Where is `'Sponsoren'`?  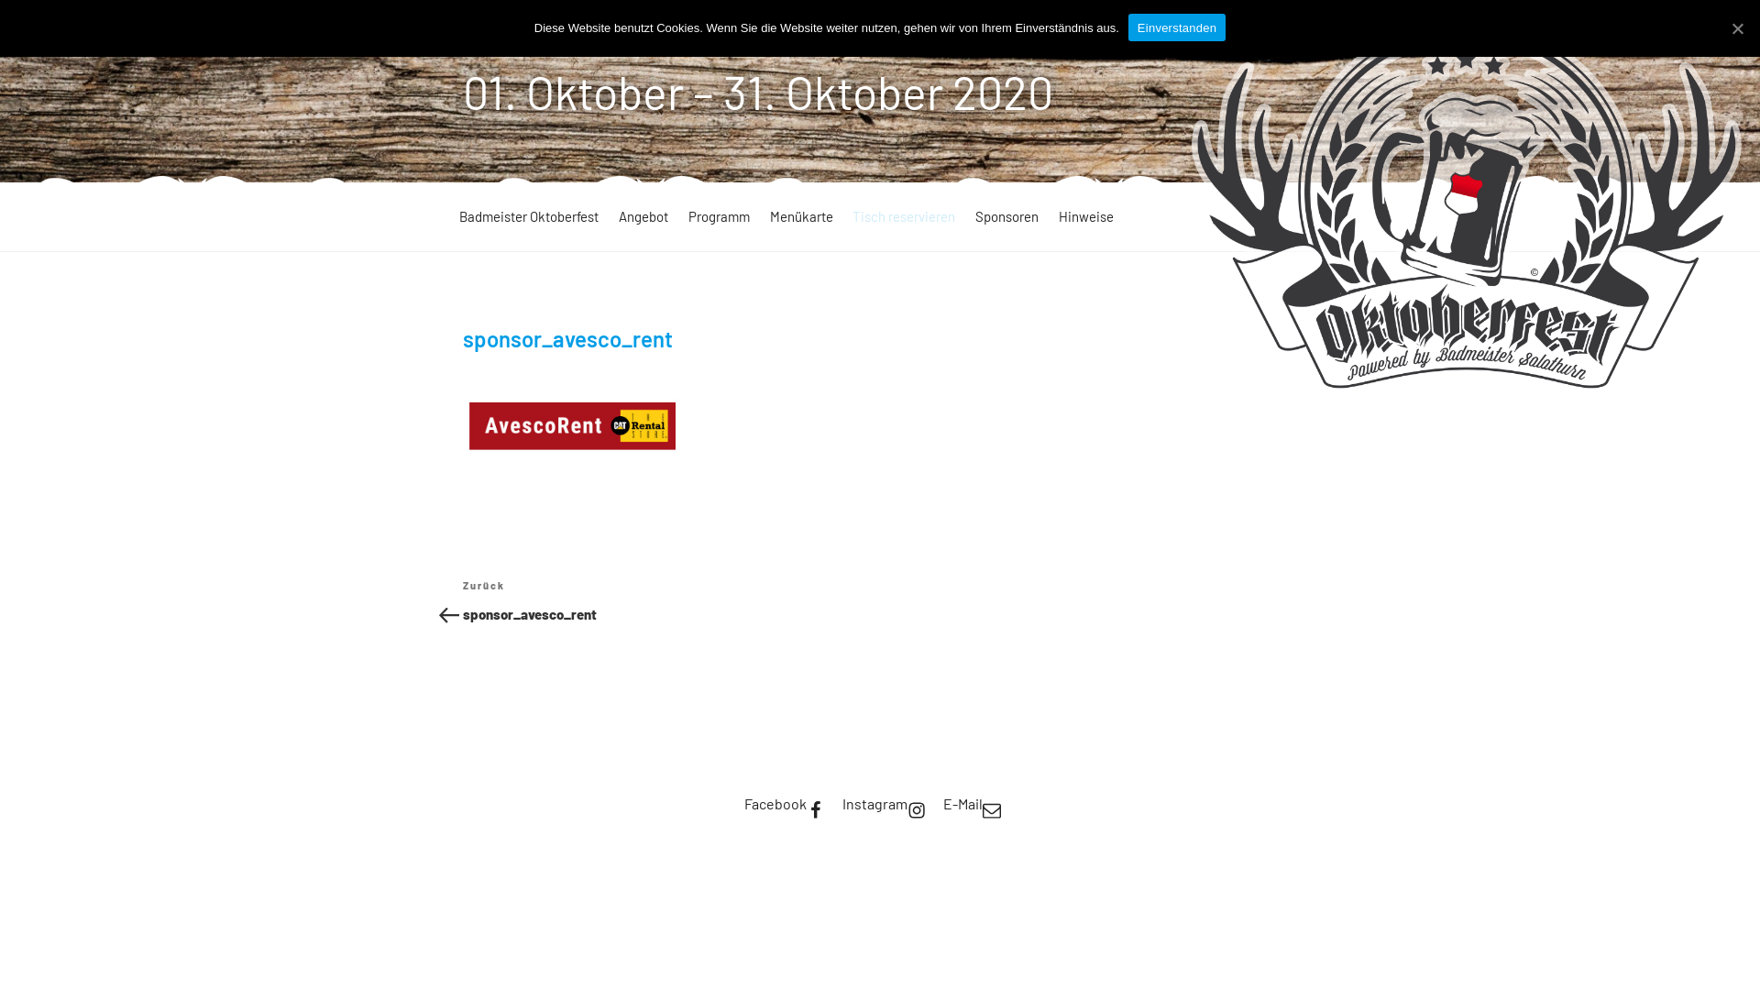 'Sponsoren' is located at coordinates (1005, 215).